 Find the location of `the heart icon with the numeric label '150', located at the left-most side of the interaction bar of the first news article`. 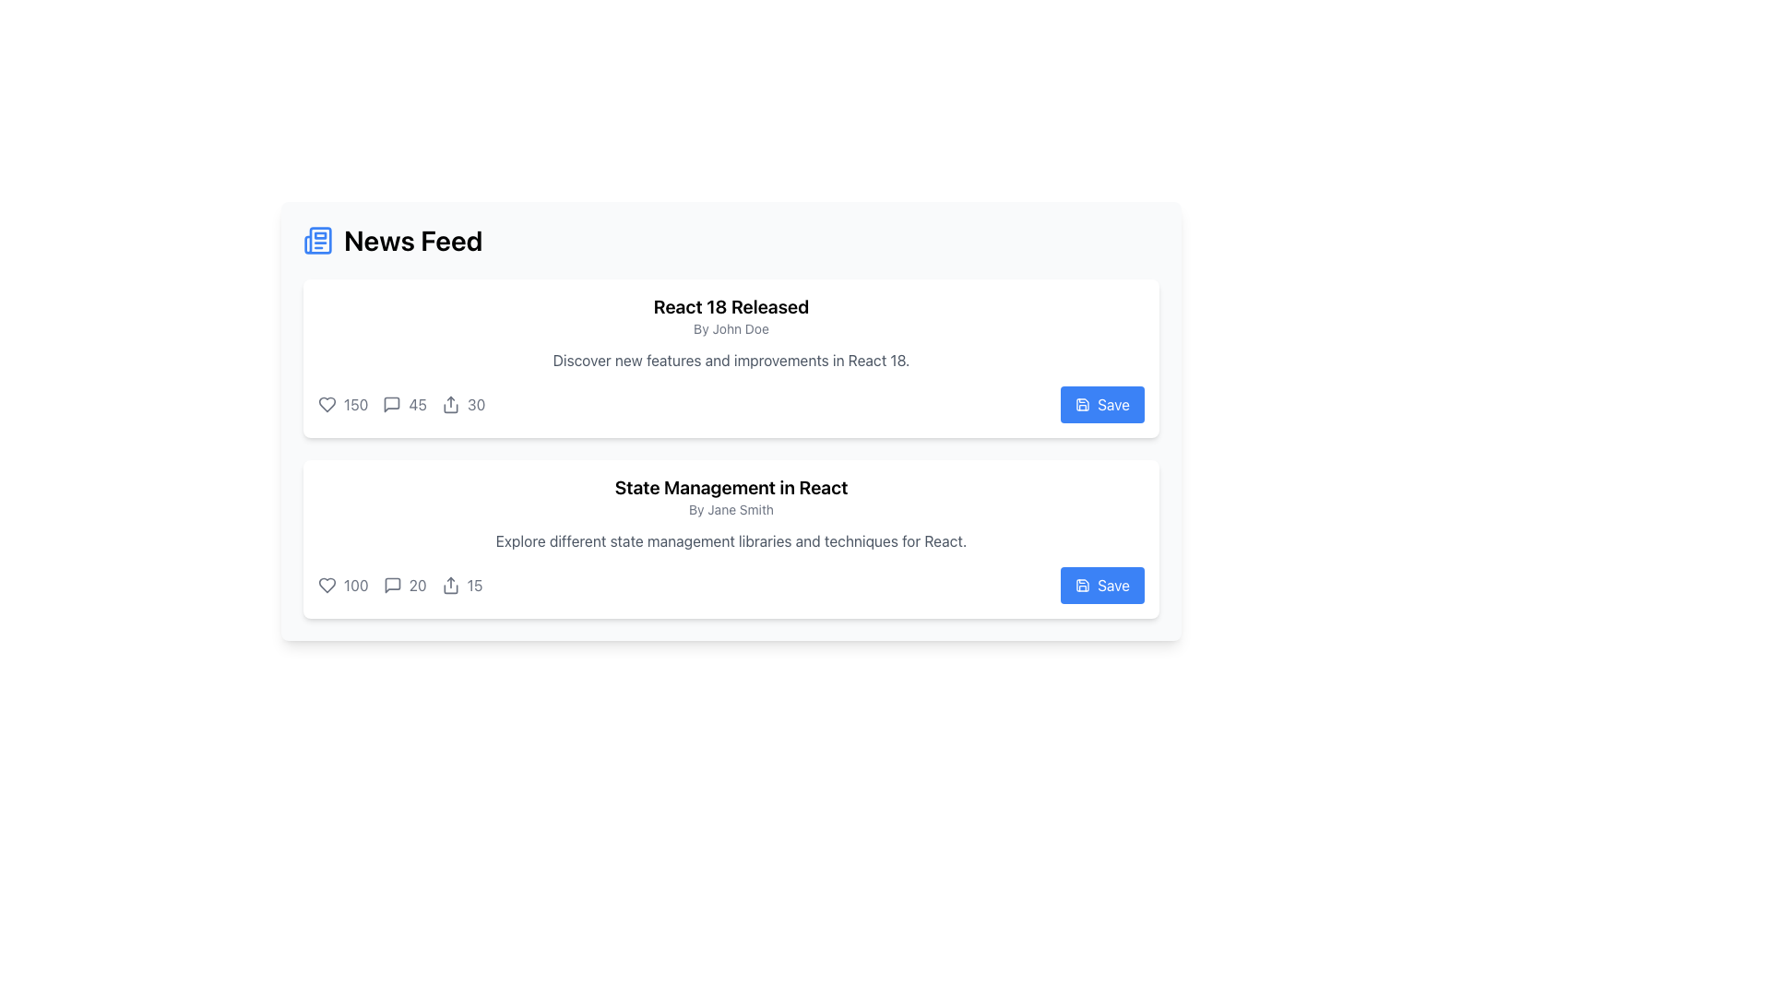

the heart icon with the numeric label '150', located at the left-most side of the interaction bar of the first news article is located at coordinates (343, 404).